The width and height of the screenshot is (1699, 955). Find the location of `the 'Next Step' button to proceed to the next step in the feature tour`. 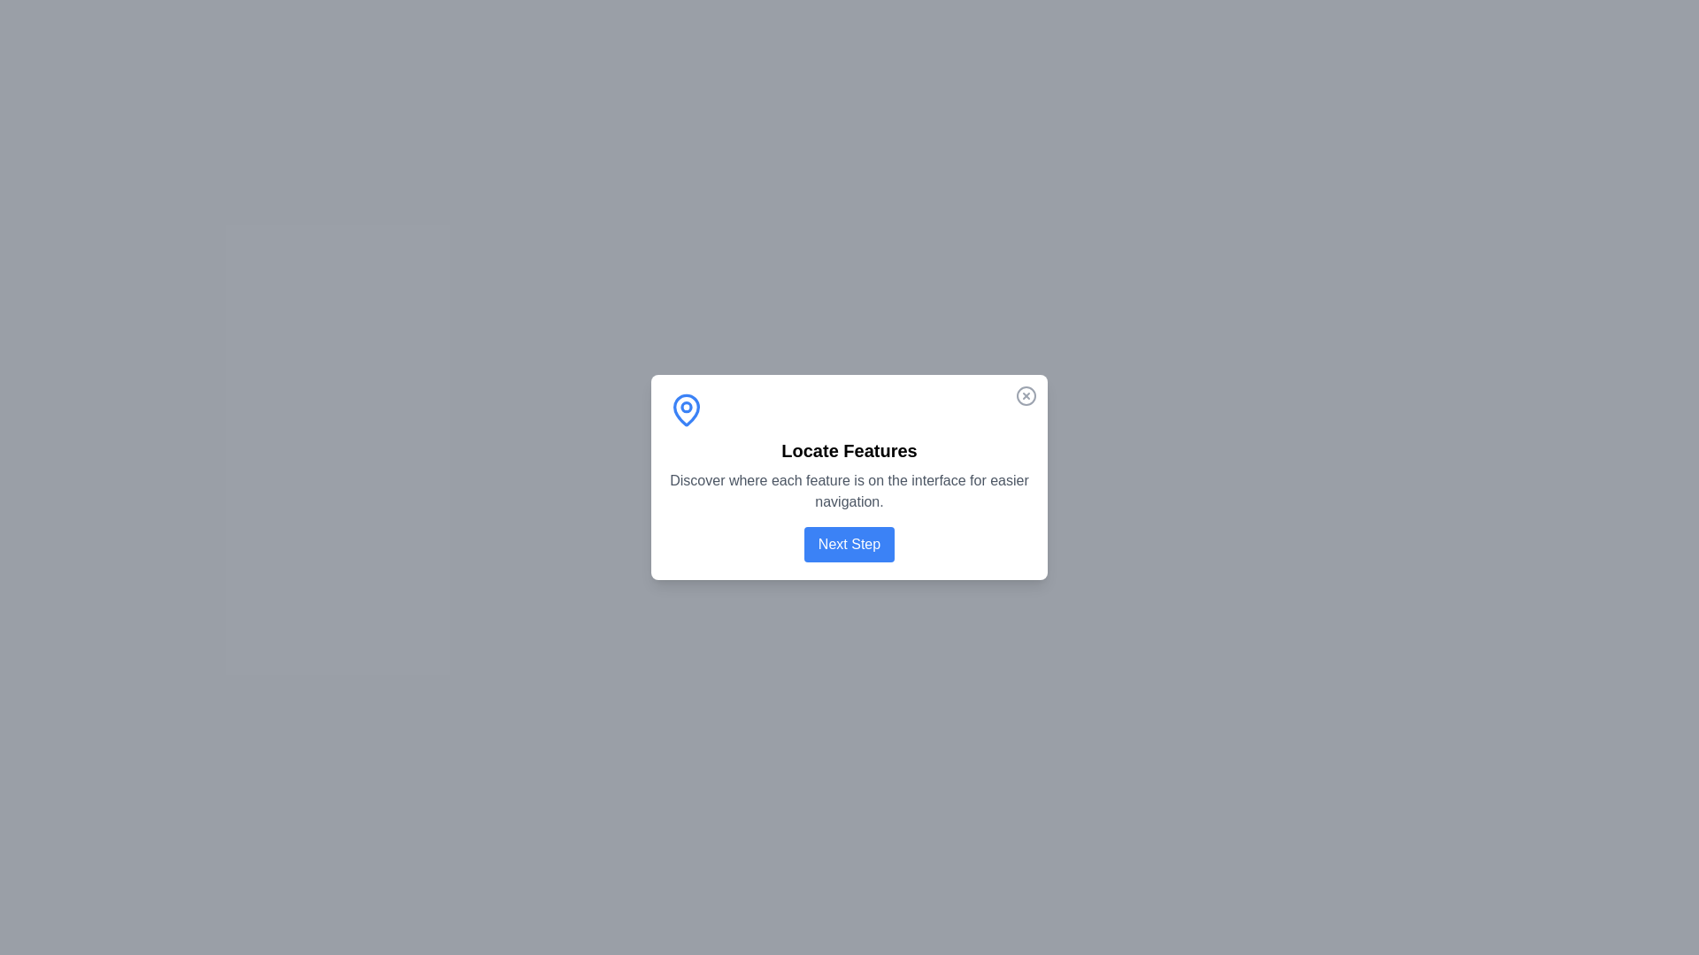

the 'Next Step' button to proceed to the next step in the feature tour is located at coordinates (849, 544).